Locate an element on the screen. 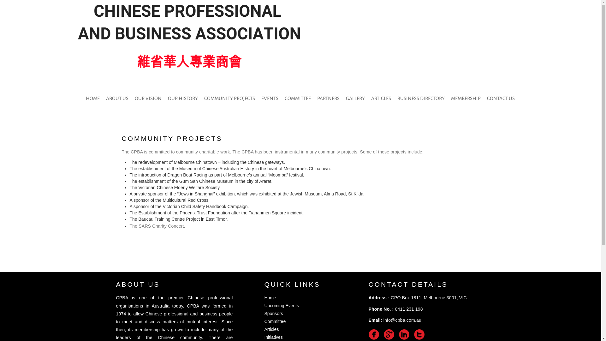  'ARTICLES' is located at coordinates (368, 99).